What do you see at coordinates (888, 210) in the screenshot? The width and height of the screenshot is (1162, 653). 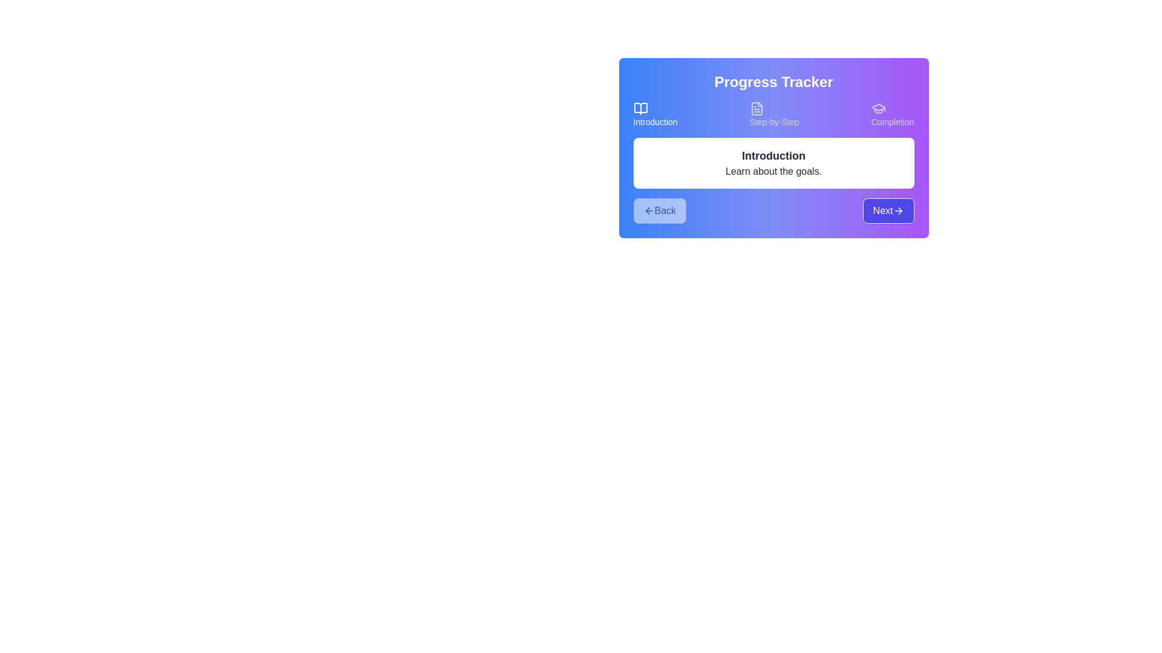 I see `Next button to navigate through the steps` at bounding box center [888, 210].